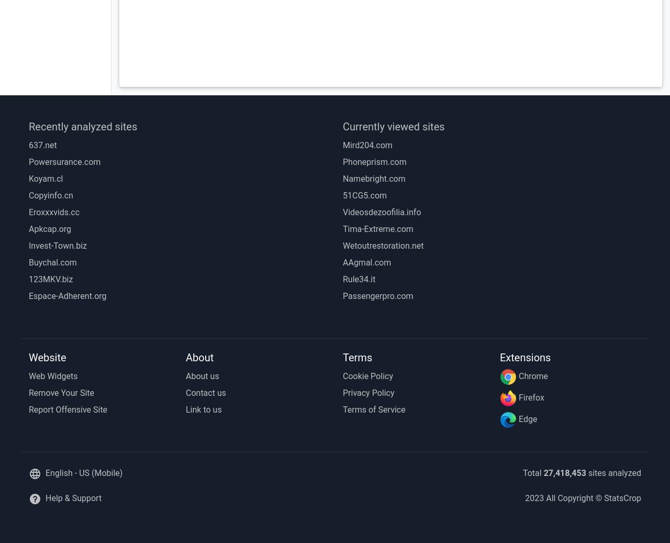  What do you see at coordinates (342, 126) in the screenshot?
I see `'Currently viewed sites'` at bounding box center [342, 126].